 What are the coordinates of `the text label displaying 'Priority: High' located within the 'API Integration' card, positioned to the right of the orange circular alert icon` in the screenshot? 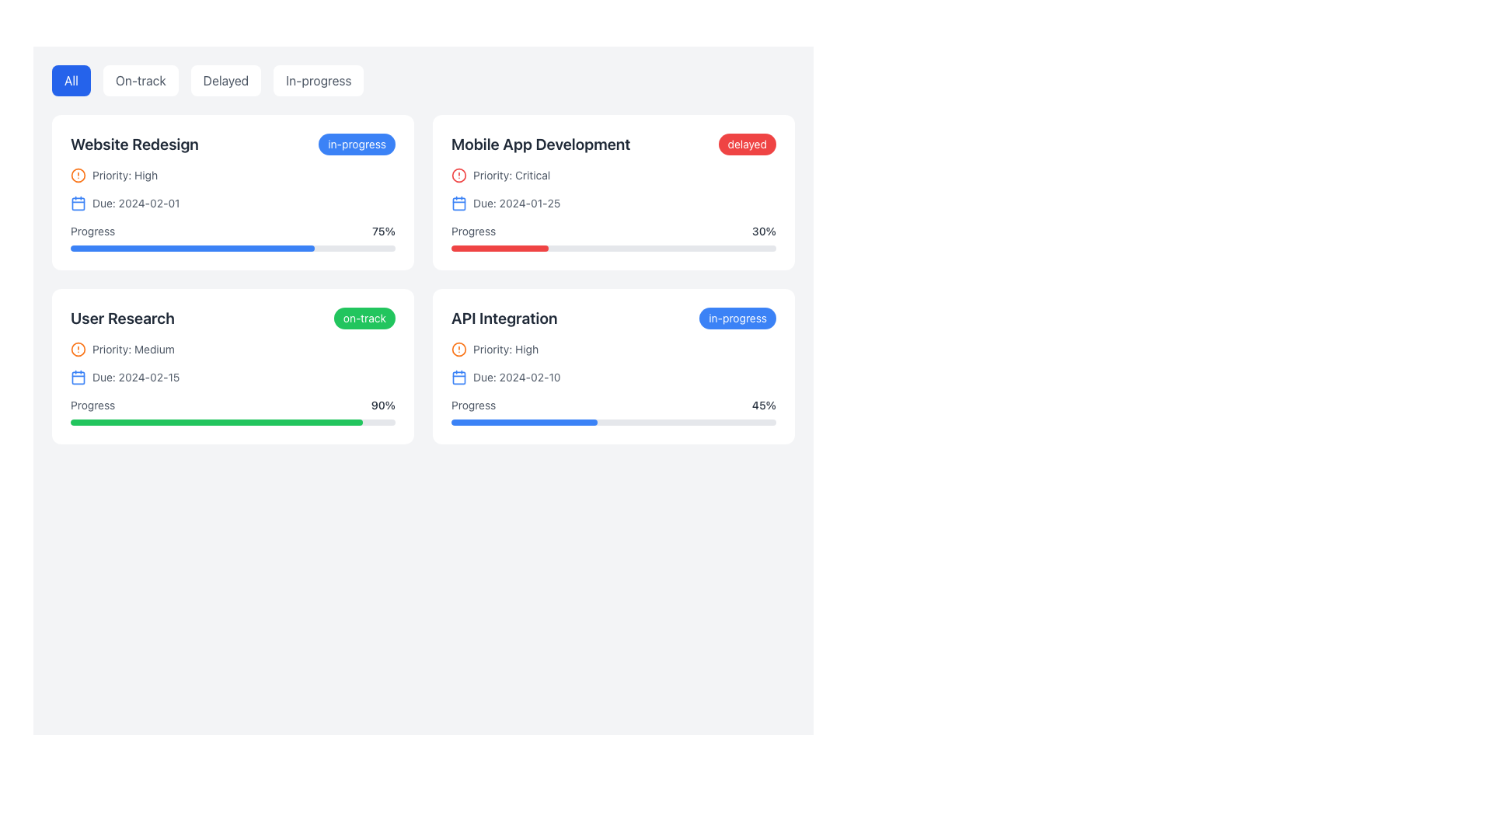 It's located at (506, 350).